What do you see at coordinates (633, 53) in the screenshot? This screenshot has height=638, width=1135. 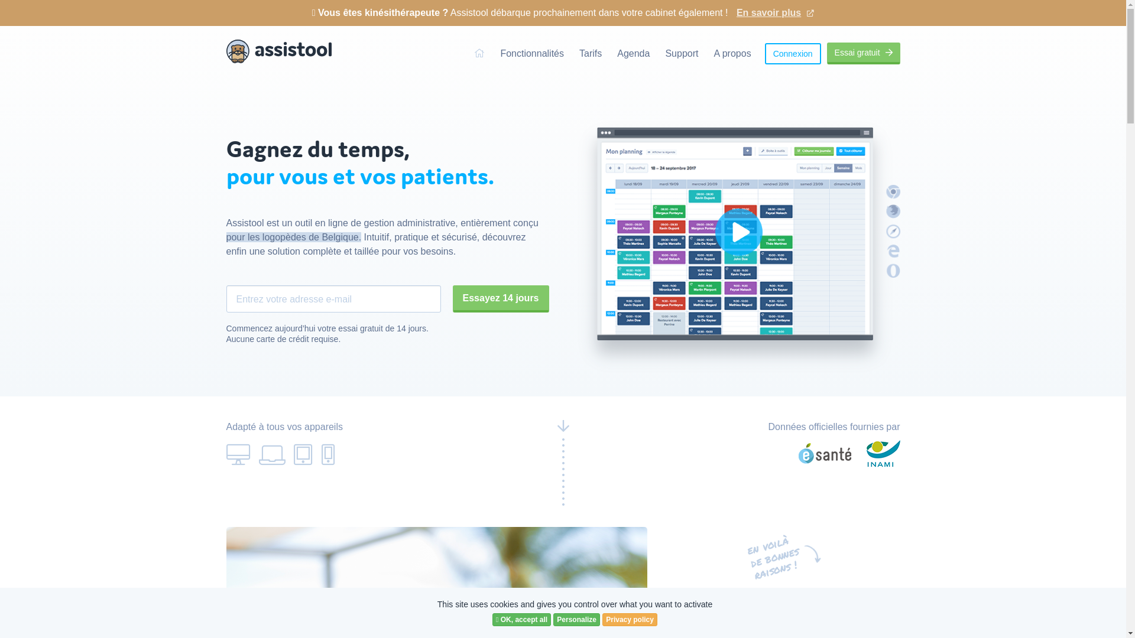 I see `'Agenda'` at bounding box center [633, 53].